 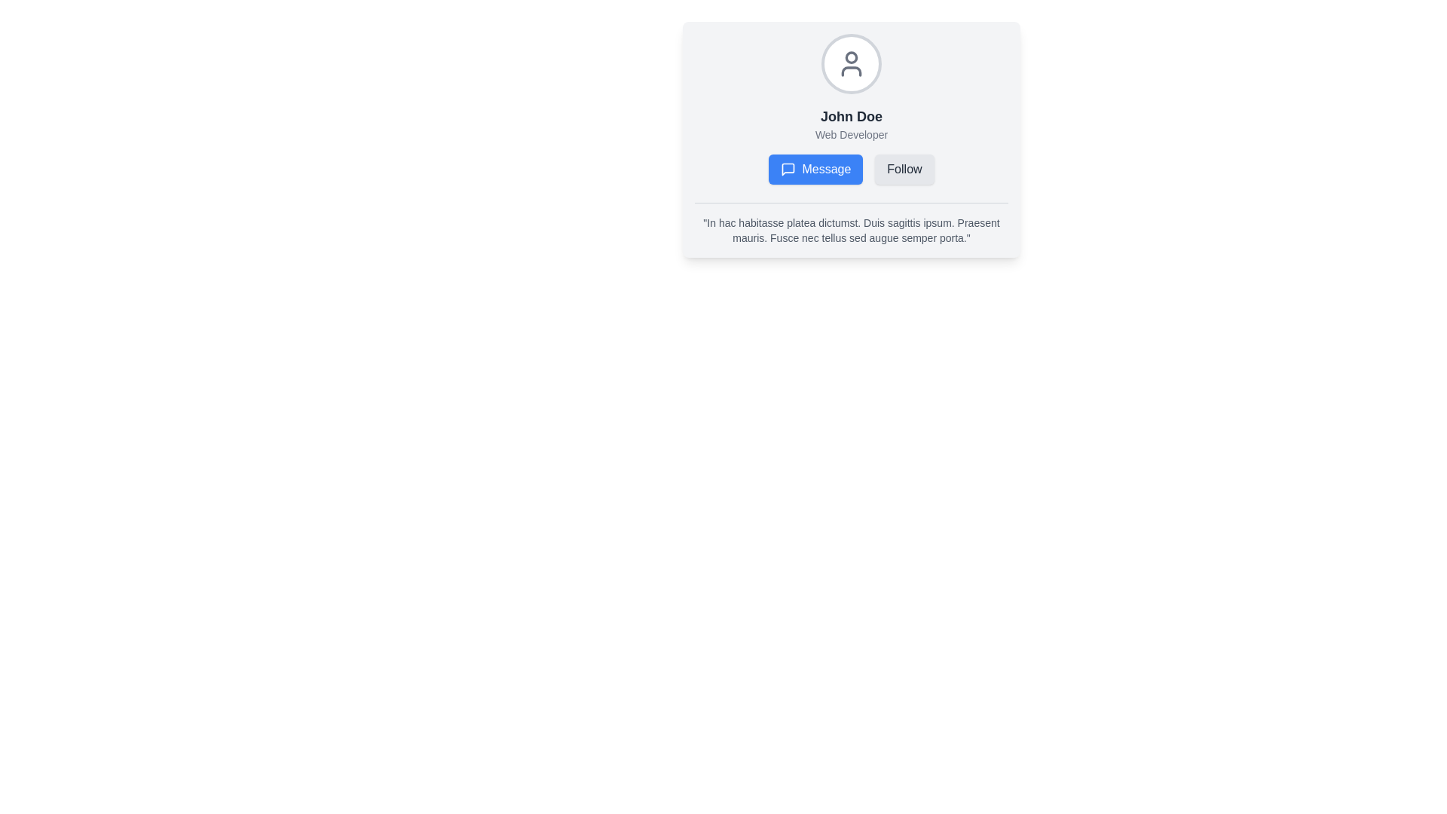 I want to click on the 'Follow' button located at the top-right corner of the card interface, next to the 'Message' button, to change its appearance, so click(x=904, y=169).